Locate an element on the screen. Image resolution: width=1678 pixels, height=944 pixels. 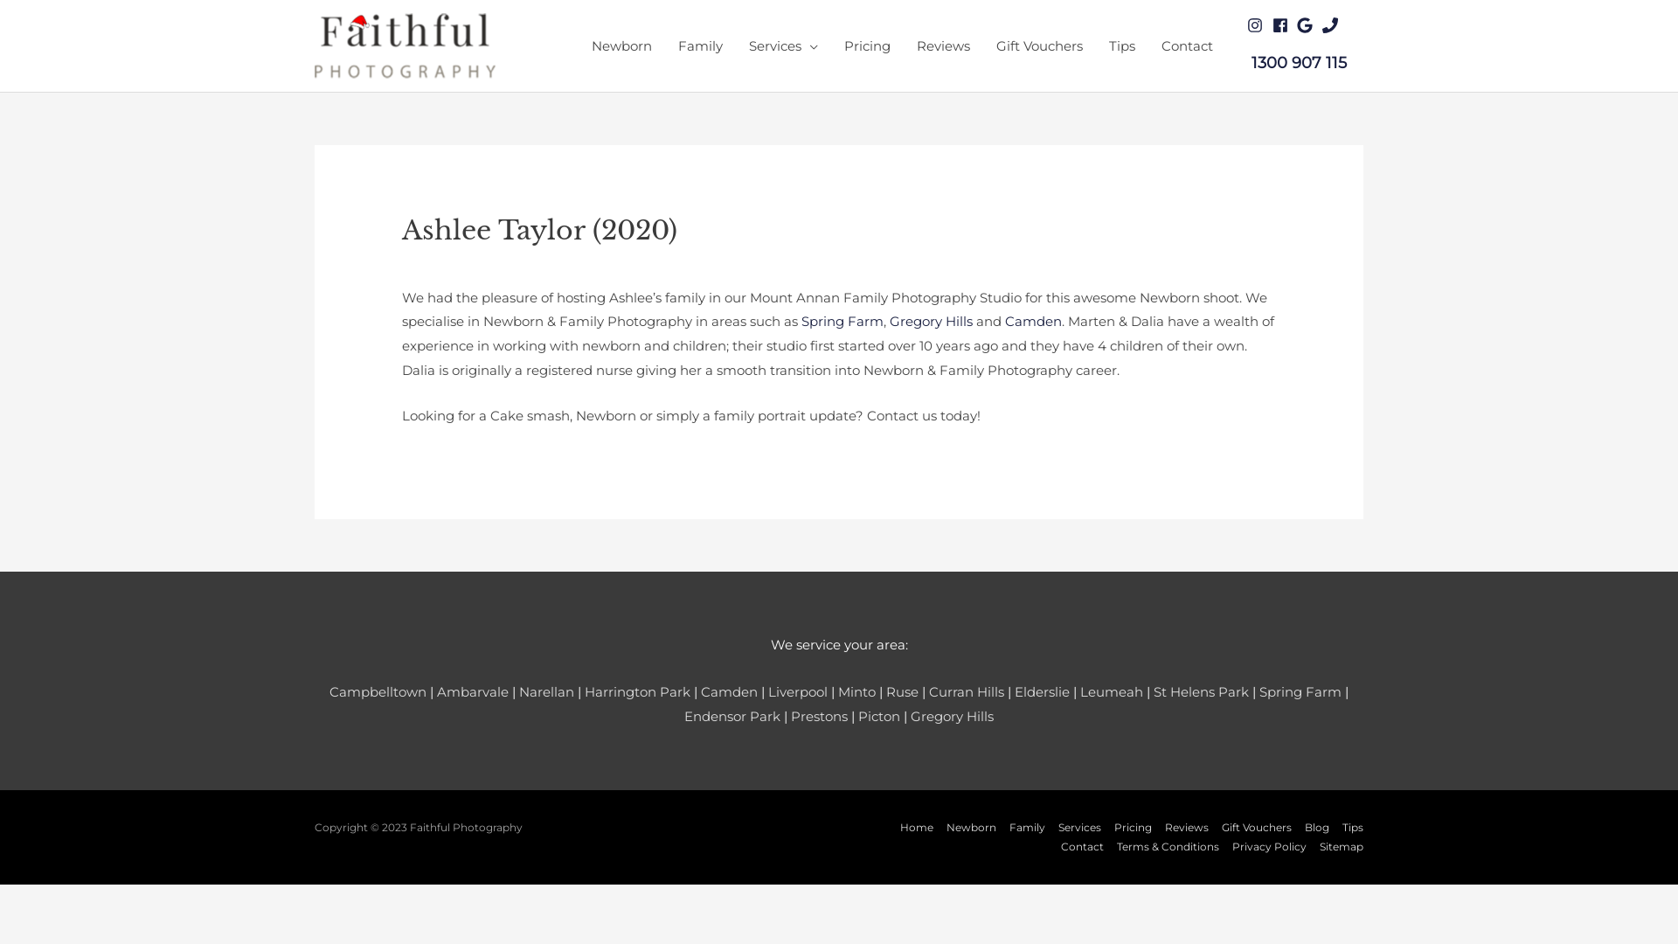
'Minto' is located at coordinates (856, 691).